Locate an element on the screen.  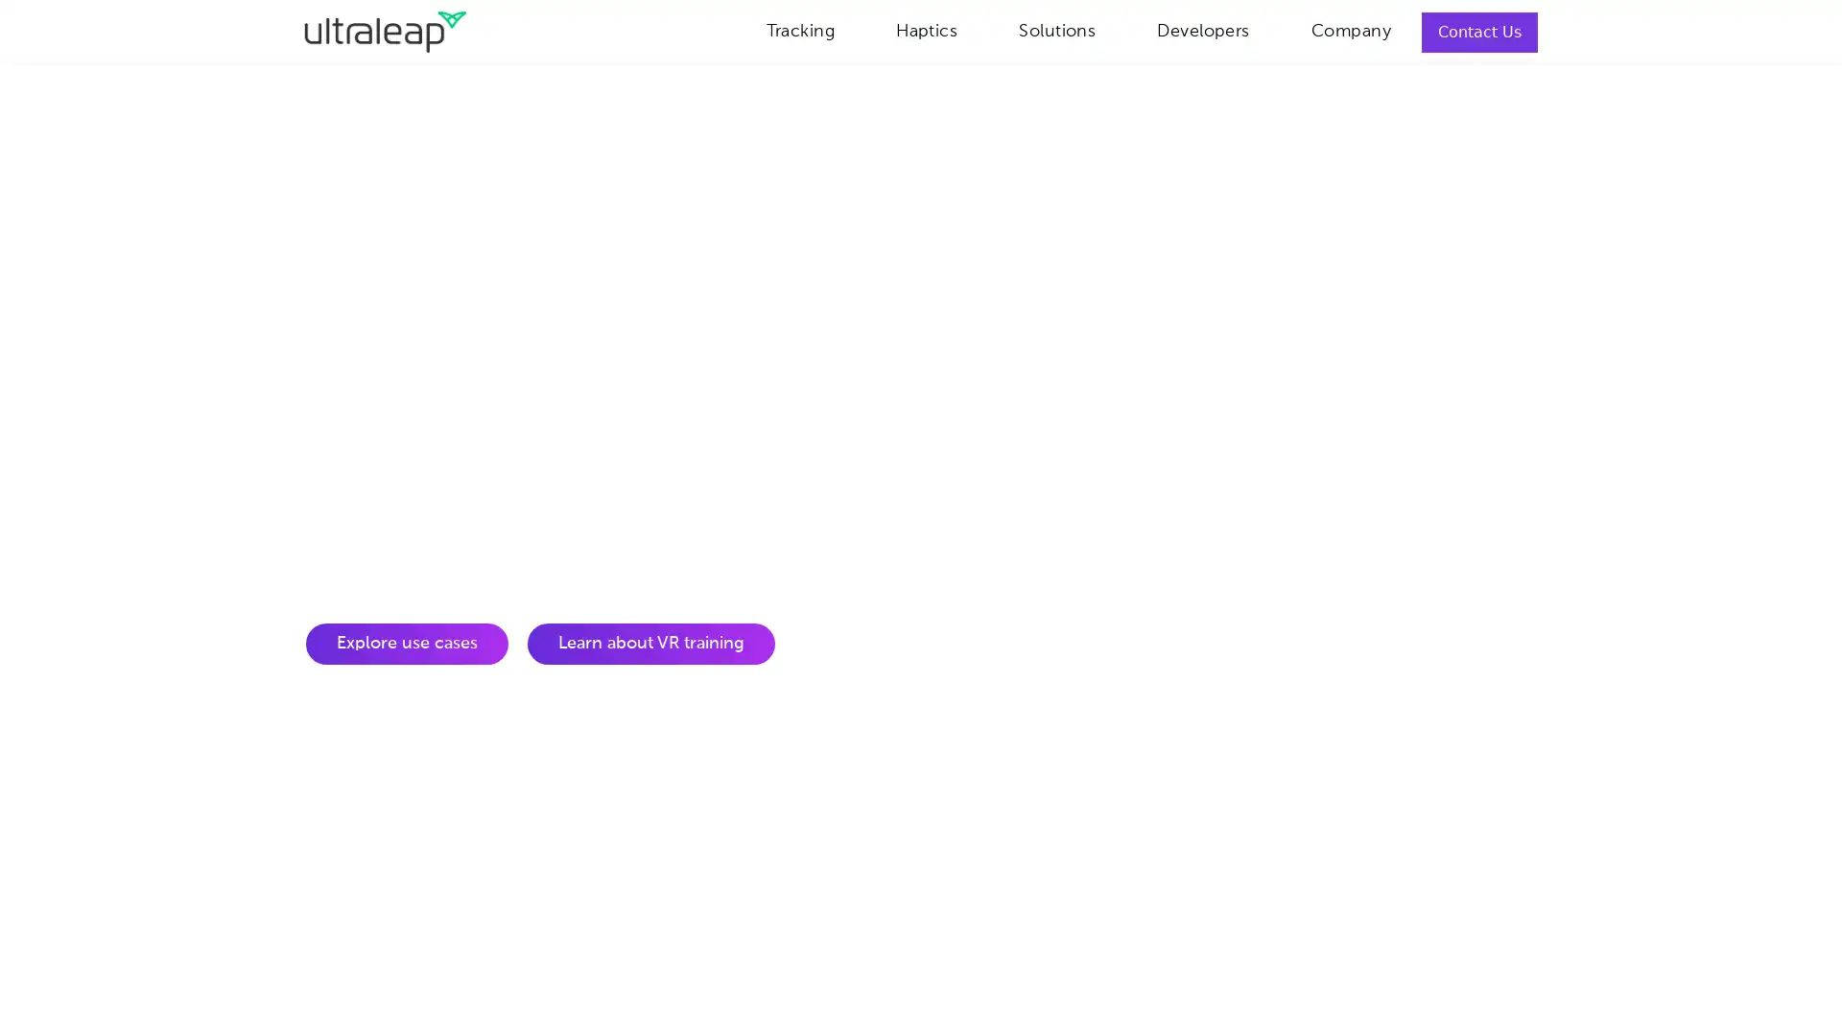
Toggle submenu is located at coordinates (1119, 29).